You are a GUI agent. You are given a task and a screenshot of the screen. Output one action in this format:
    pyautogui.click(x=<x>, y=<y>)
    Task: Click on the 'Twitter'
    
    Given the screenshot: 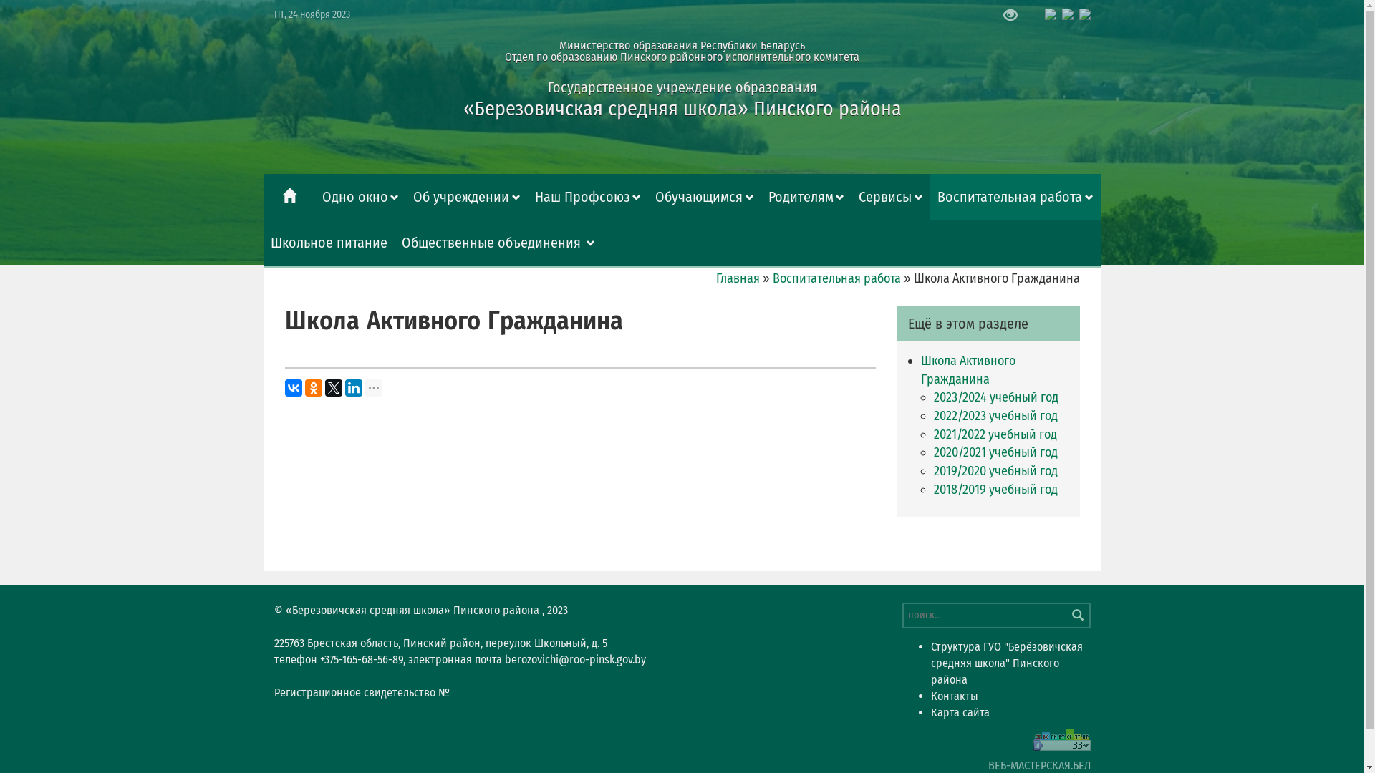 What is the action you would take?
    pyautogui.click(x=332, y=388)
    